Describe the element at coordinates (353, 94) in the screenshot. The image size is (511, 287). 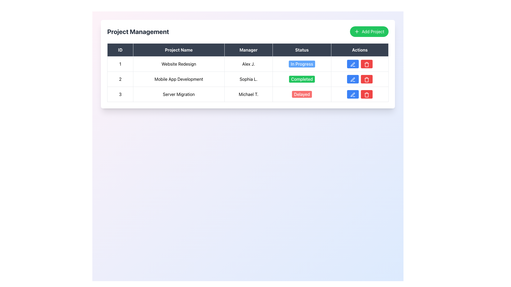
I see `the blue rounded rectangle button with a pen icon in the 'Actions' column of the last row, corresponding to the 'Server Migration' project, to observe any visual feedback` at that location.